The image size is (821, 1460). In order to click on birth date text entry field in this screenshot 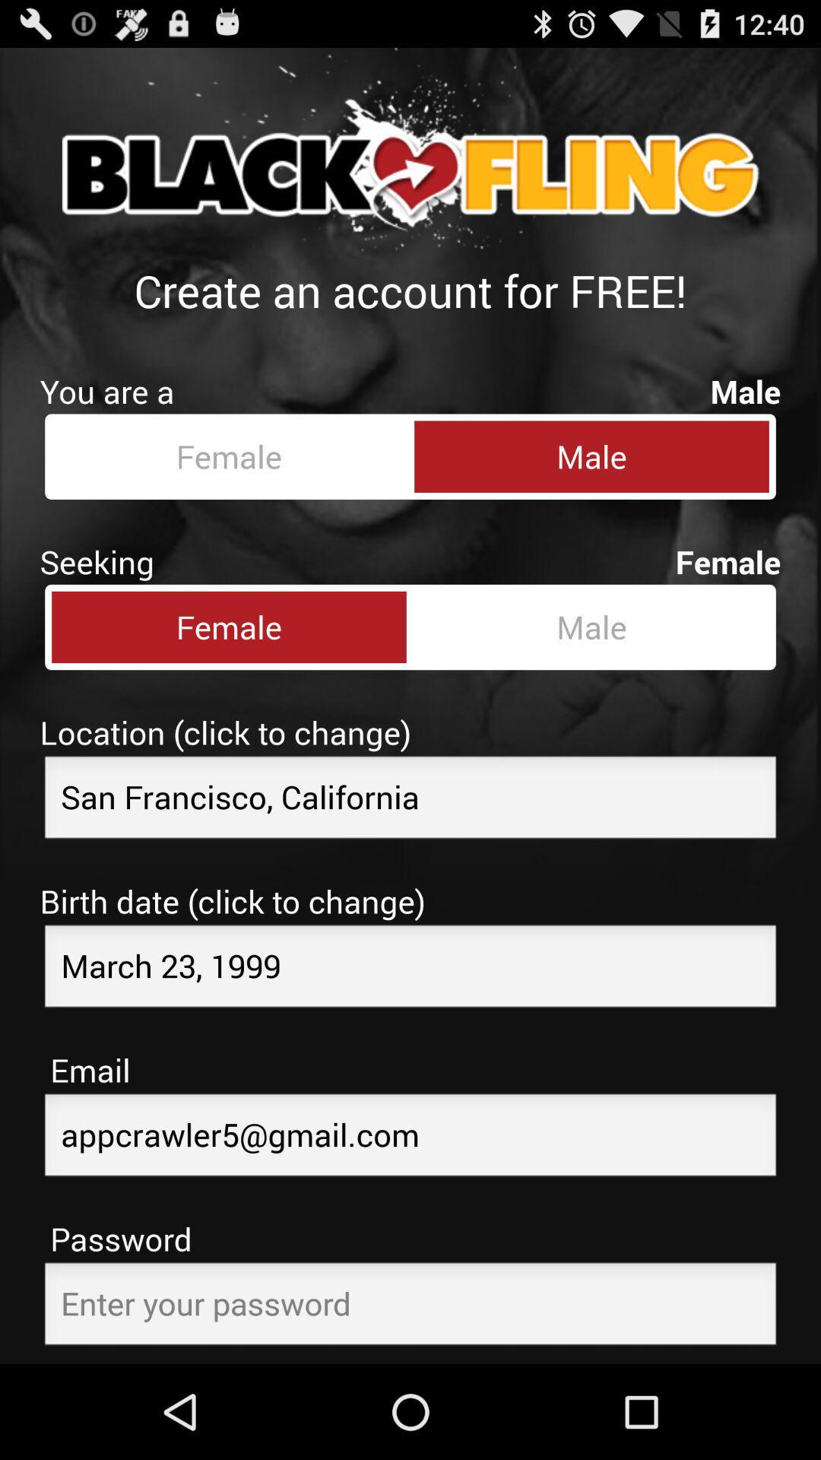, I will do `click(410, 970)`.